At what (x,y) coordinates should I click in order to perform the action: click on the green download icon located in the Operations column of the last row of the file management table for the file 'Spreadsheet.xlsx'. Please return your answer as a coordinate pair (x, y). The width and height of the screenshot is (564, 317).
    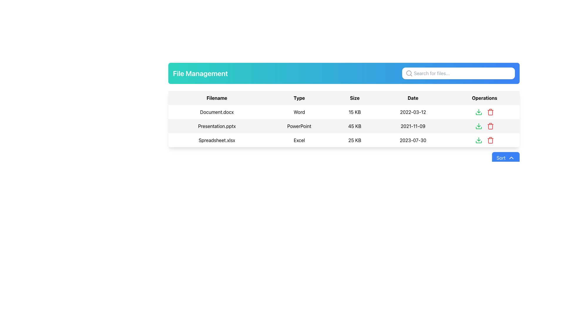
    Looking at the image, I should click on (484, 140).